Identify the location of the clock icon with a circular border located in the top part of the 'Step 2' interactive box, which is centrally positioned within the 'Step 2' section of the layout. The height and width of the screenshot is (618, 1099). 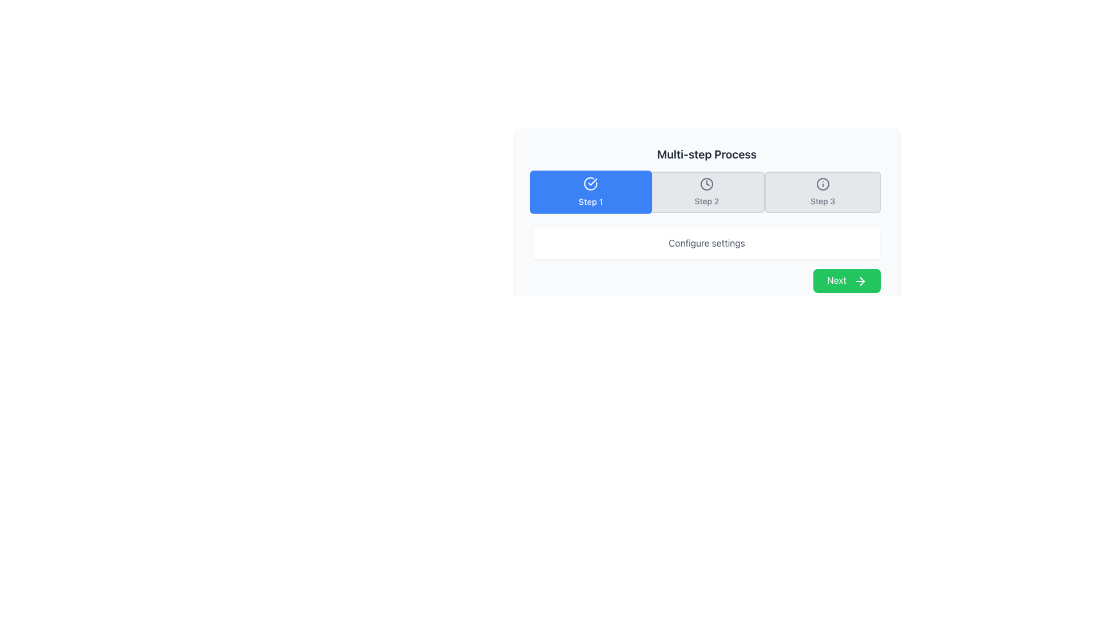
(706, 183).